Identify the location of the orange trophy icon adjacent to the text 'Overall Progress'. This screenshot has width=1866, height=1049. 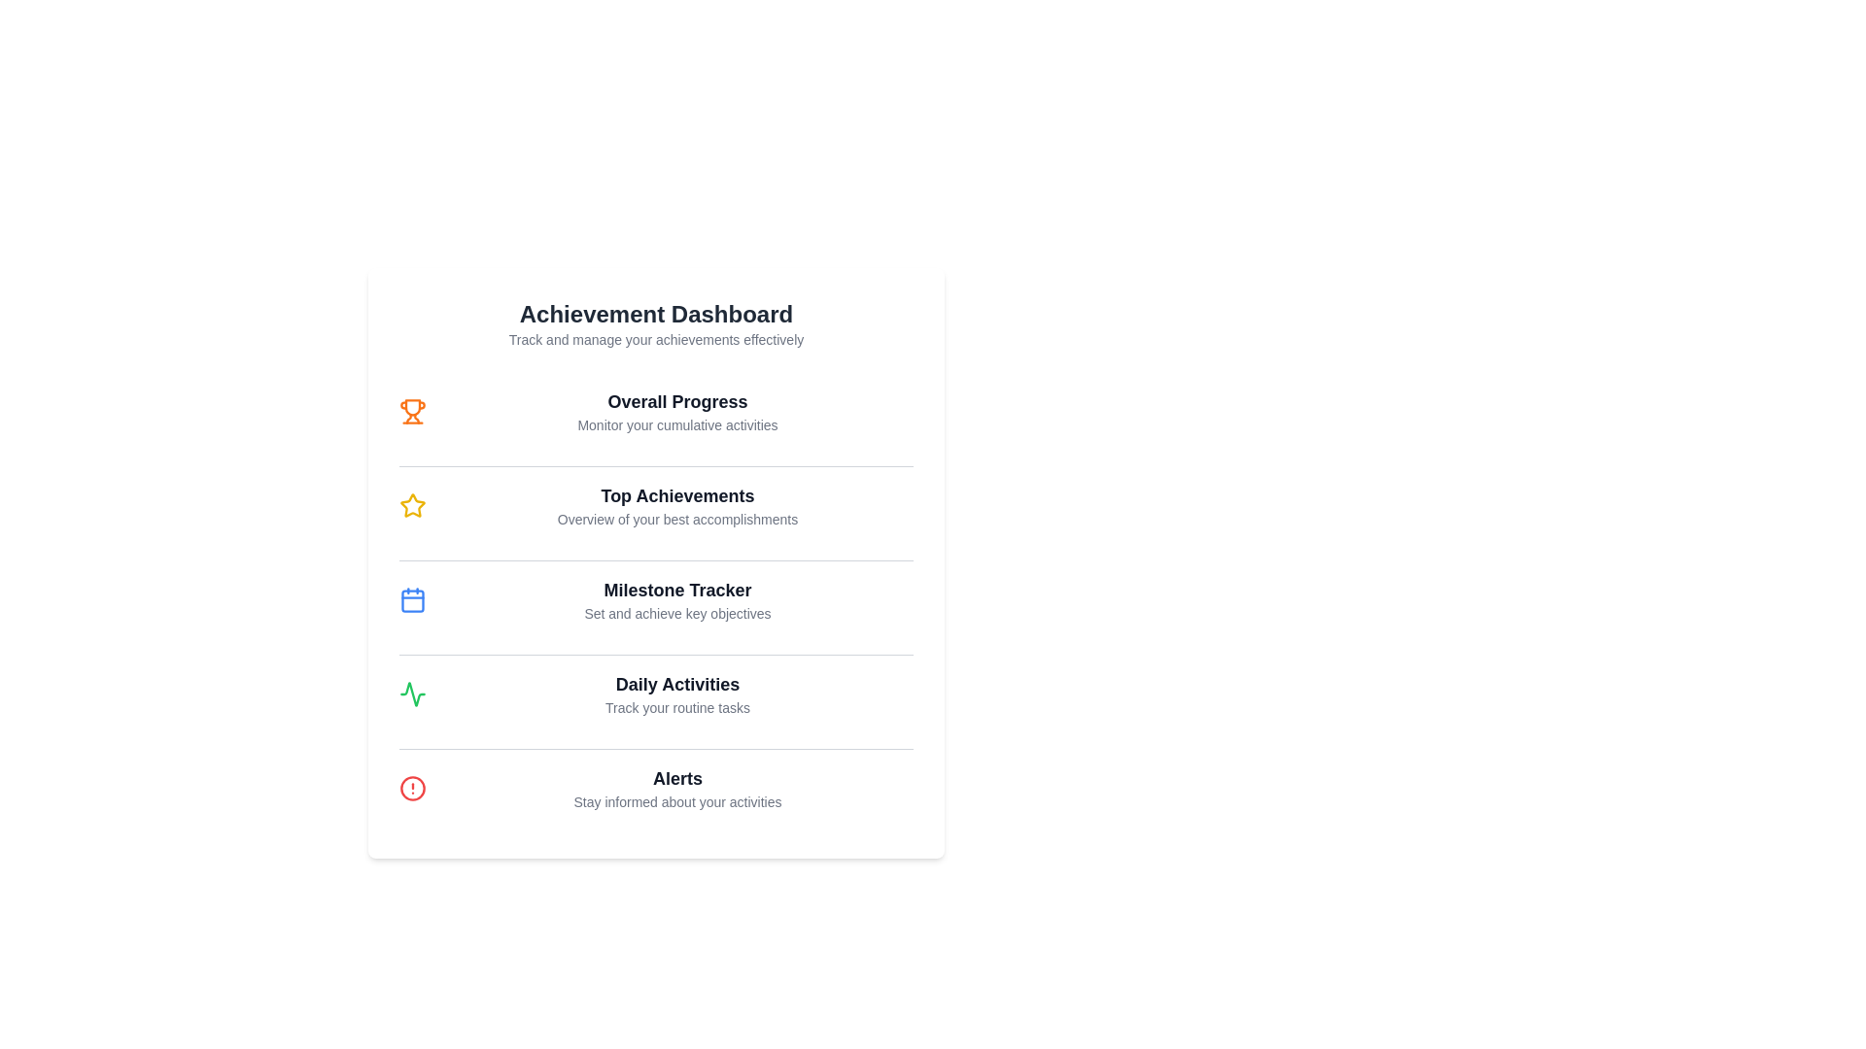
(412, 411).